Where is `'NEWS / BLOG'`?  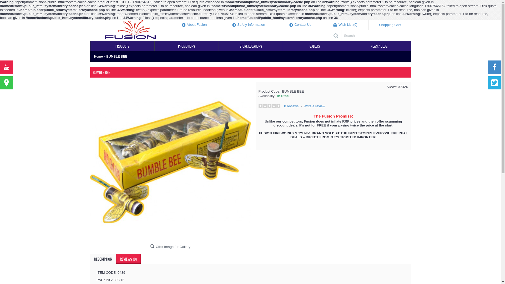 'NEWS / BLOG' is located at coordinates (347, 45).